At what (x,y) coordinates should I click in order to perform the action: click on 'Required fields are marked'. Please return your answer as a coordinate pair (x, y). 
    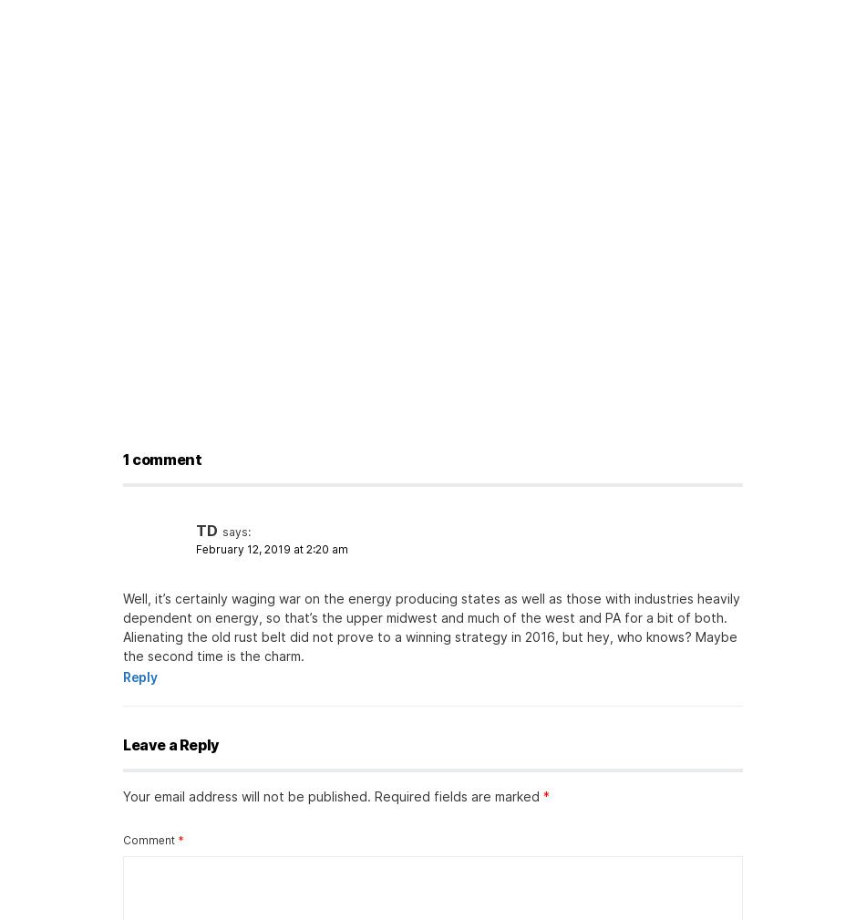
    Looking at the image, I should click on (373, 796).